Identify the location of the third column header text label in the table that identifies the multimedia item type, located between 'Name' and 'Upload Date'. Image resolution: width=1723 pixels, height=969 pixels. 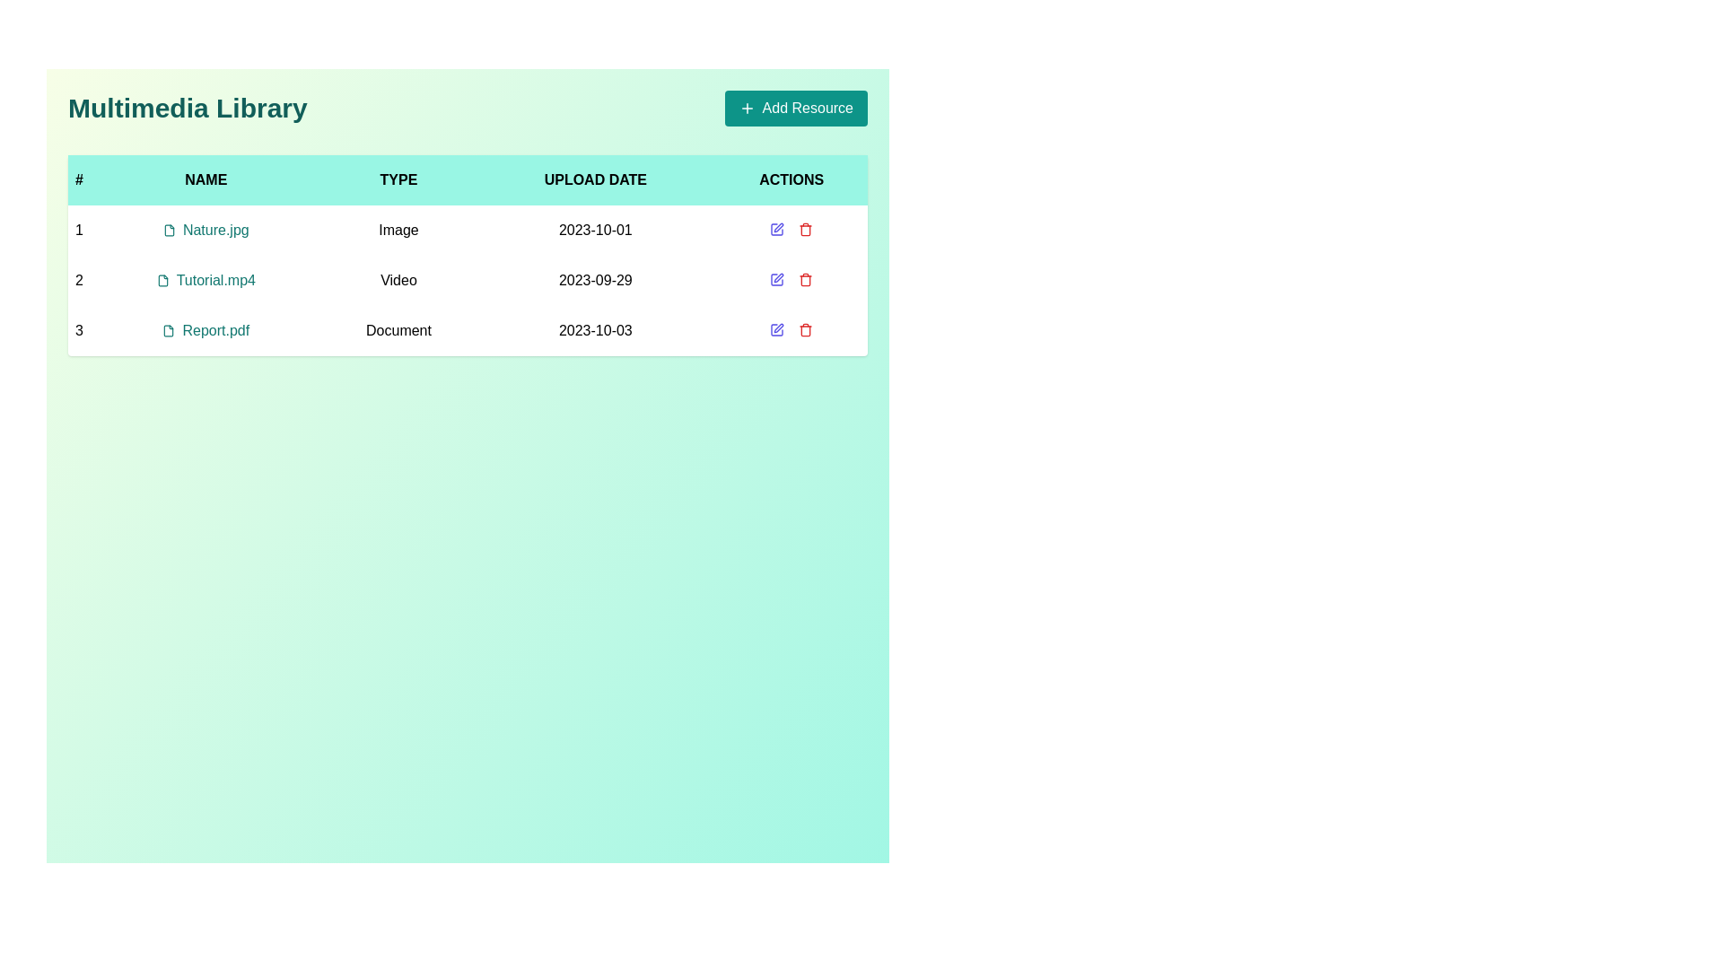
(398, 179).